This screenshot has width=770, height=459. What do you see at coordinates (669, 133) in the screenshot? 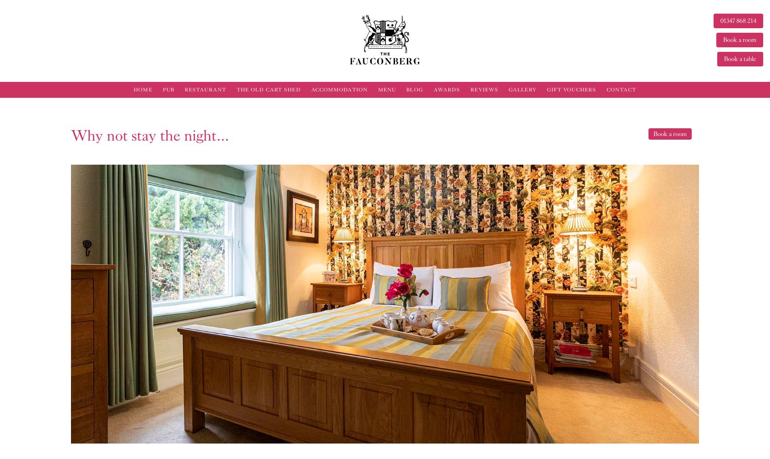
I see `'Book a room'` at bounding box center [669, 133].